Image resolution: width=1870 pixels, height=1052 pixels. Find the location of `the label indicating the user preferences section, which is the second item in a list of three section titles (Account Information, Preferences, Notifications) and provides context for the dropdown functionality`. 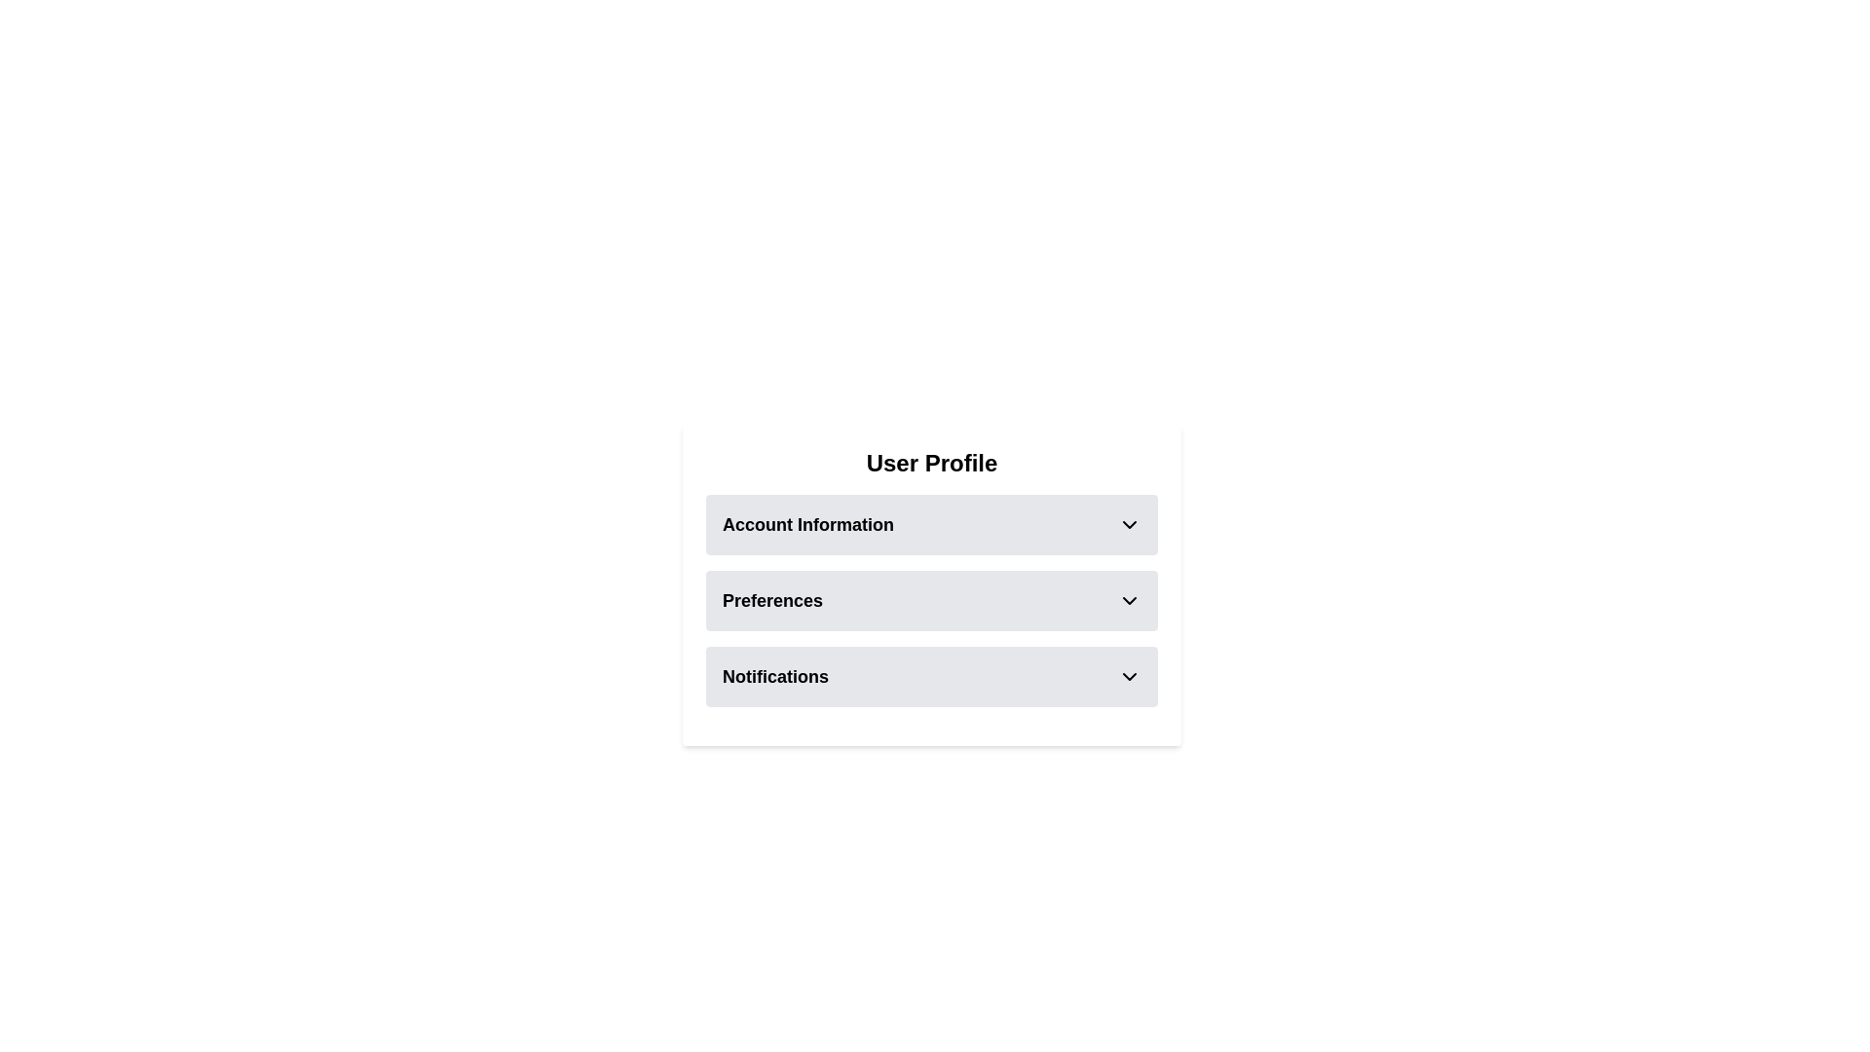

the label indicating the user preferences section, which is the second item in a list of three section titles (Account Information, Preferences, Notifications) and provides context for the dropdown functionality is located at coordinates (771, 600).